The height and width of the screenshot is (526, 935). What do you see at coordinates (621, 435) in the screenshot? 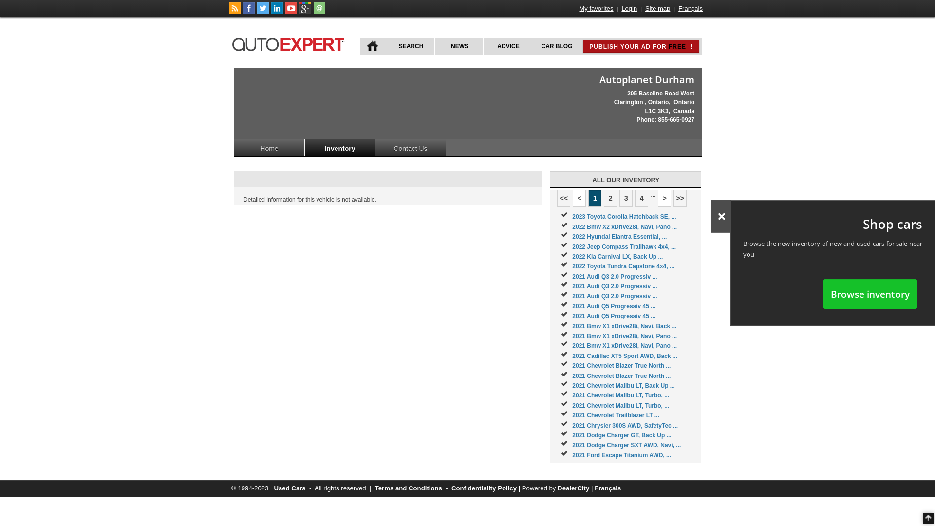
I see `'2021 Dodge Charger GT, Back Up ...'` at bounding box center [621, 435].